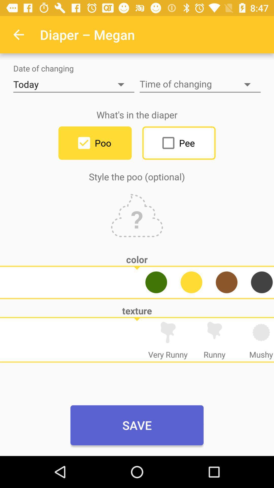 The image size is (274, 488). I want to click on change to brown color, so click(226, 282).